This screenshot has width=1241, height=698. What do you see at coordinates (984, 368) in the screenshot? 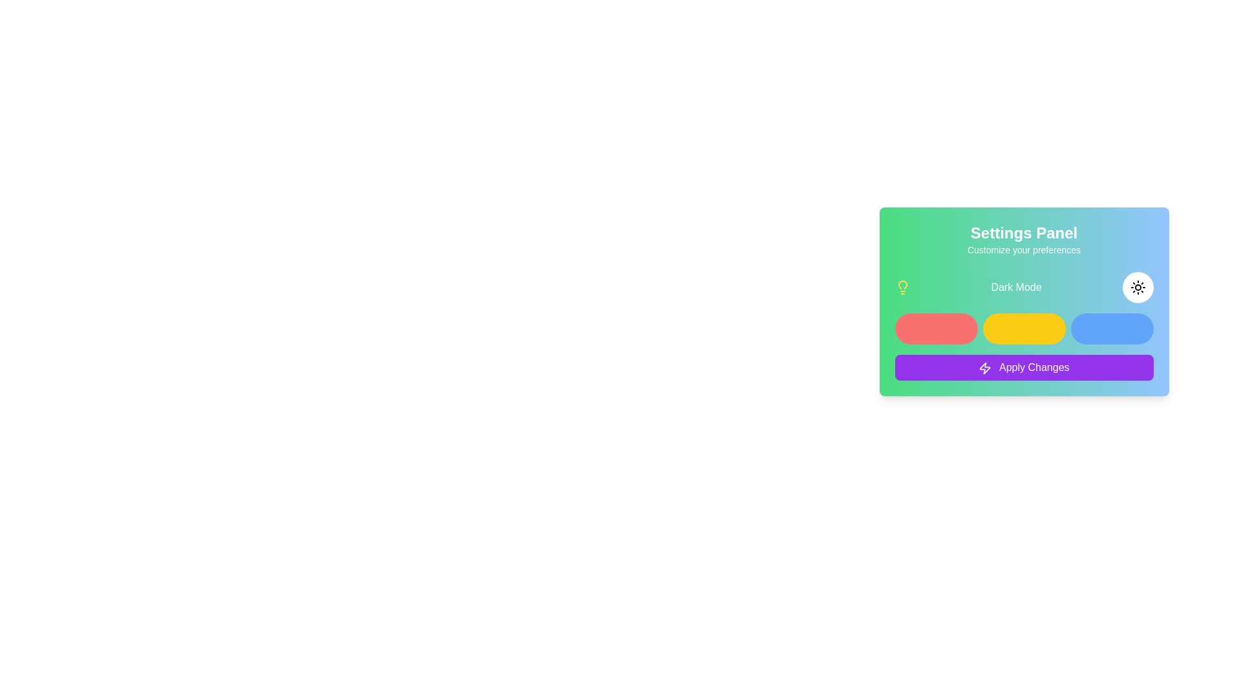
I see `the lightning bolt icon located within the 'Apply Changes' button at the bottom of the settings panel` at bounding box center [984, 368].